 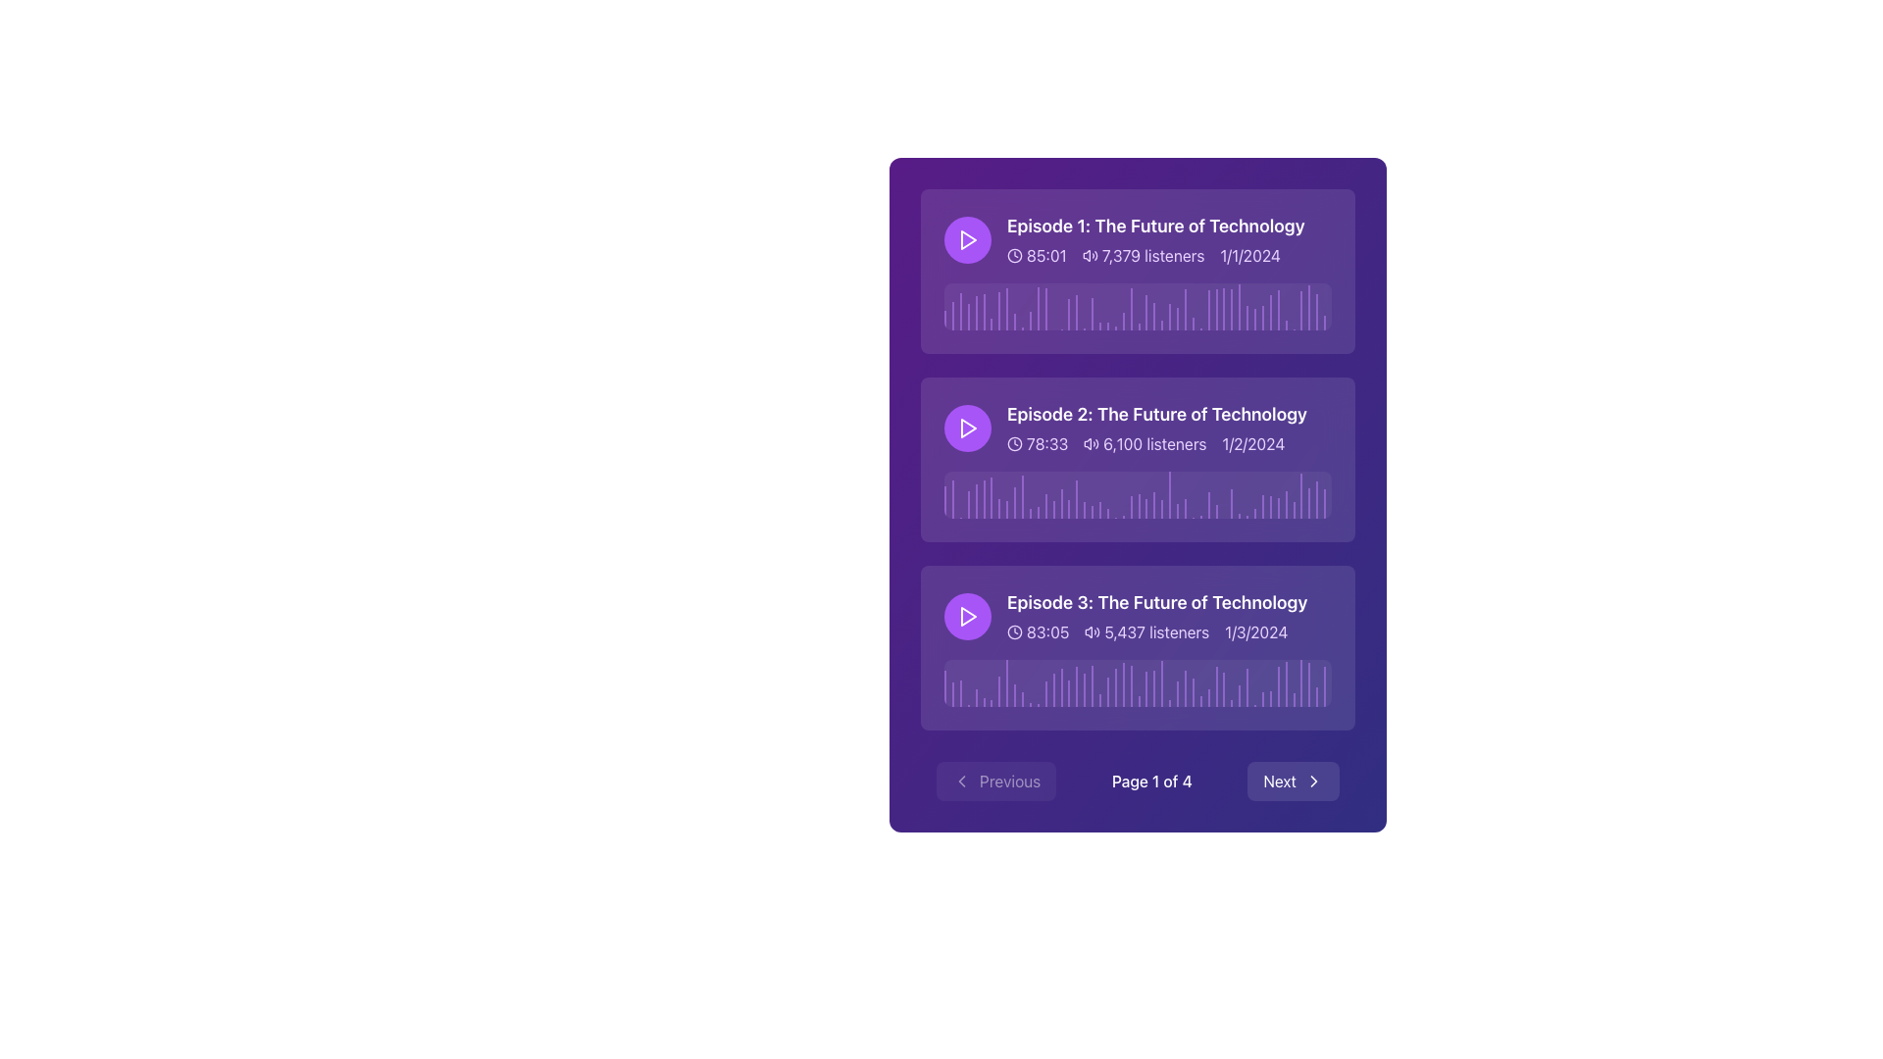 What do you see at coordinates (1177, 317) in the screenshot?
I see `the 30th vertical bar indicator within the waveform display under the 'Episode 1: The Future of Technology' card` at bounding box center [1177, 317].